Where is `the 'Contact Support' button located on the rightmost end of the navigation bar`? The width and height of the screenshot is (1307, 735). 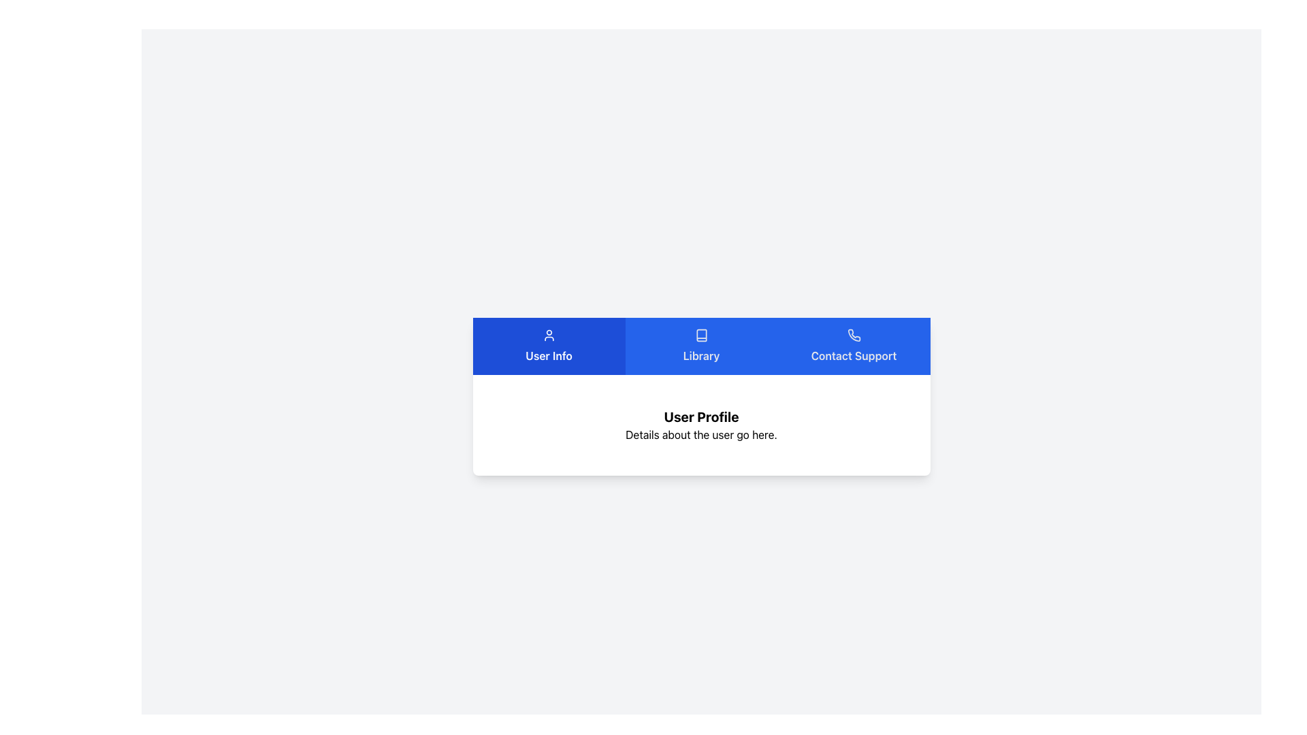 the 'Contact Support' button located on the rightmost end of the navigation bar is located at coordinates (853, 346).